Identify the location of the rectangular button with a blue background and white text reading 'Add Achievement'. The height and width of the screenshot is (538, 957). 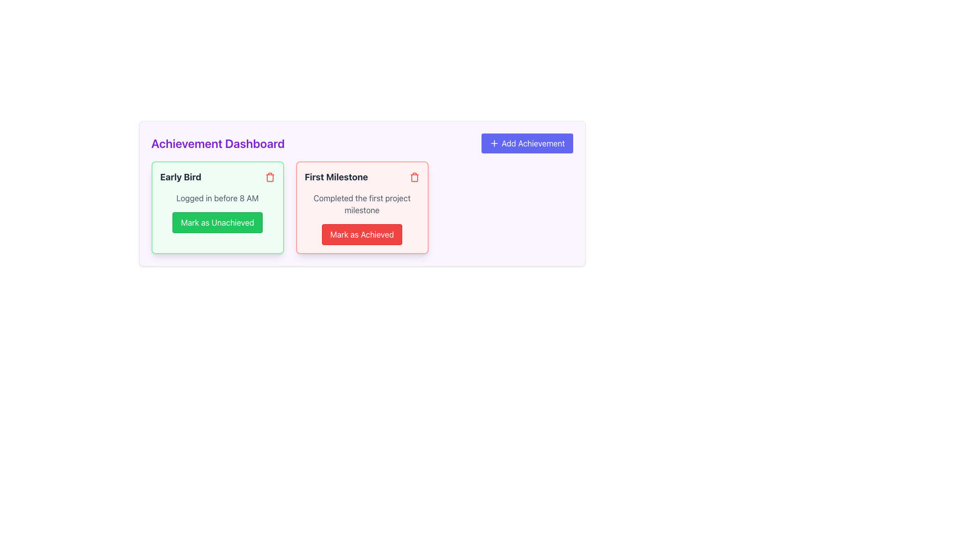
(526, 143).